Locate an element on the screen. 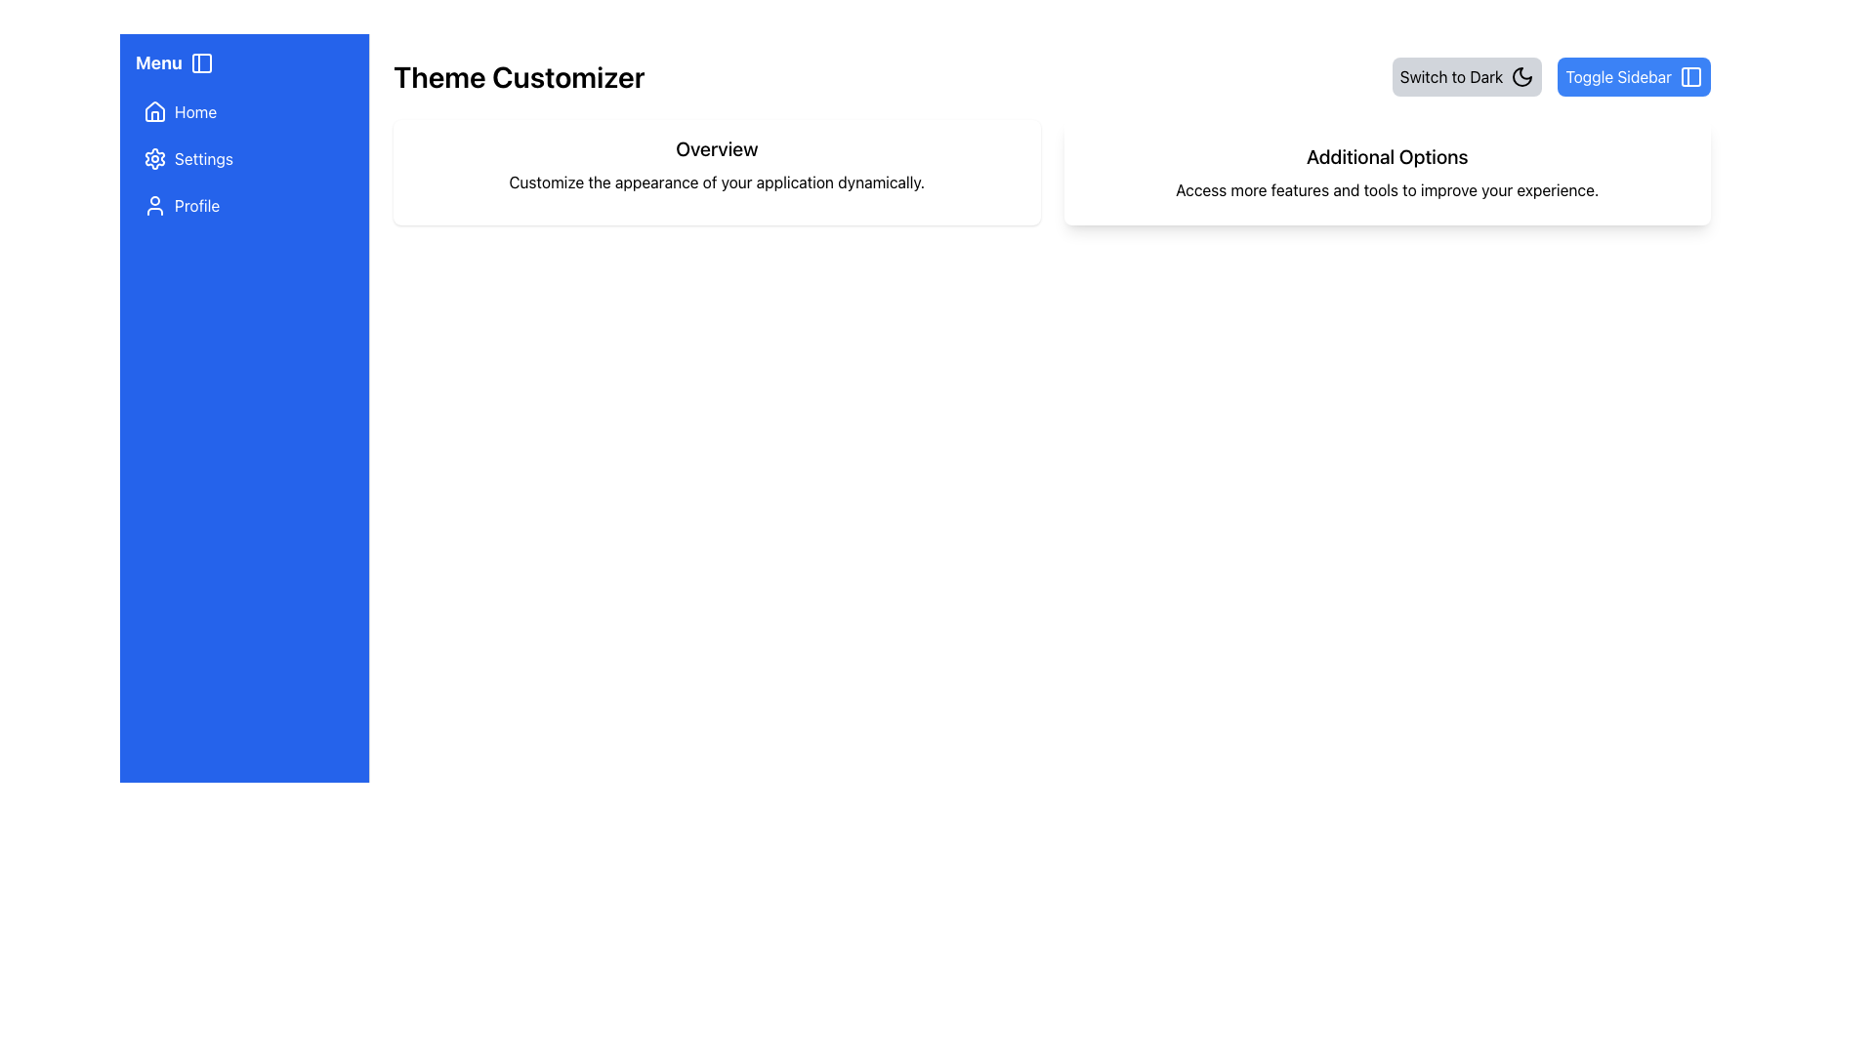 Image resolution: width=1875 pixels, height=1054 pixels. the 'Profile' menu option icon located in the left navigation sidebar, which is the third item in the menu, positioned below 'Settings' is located at coordinates (153, 206).